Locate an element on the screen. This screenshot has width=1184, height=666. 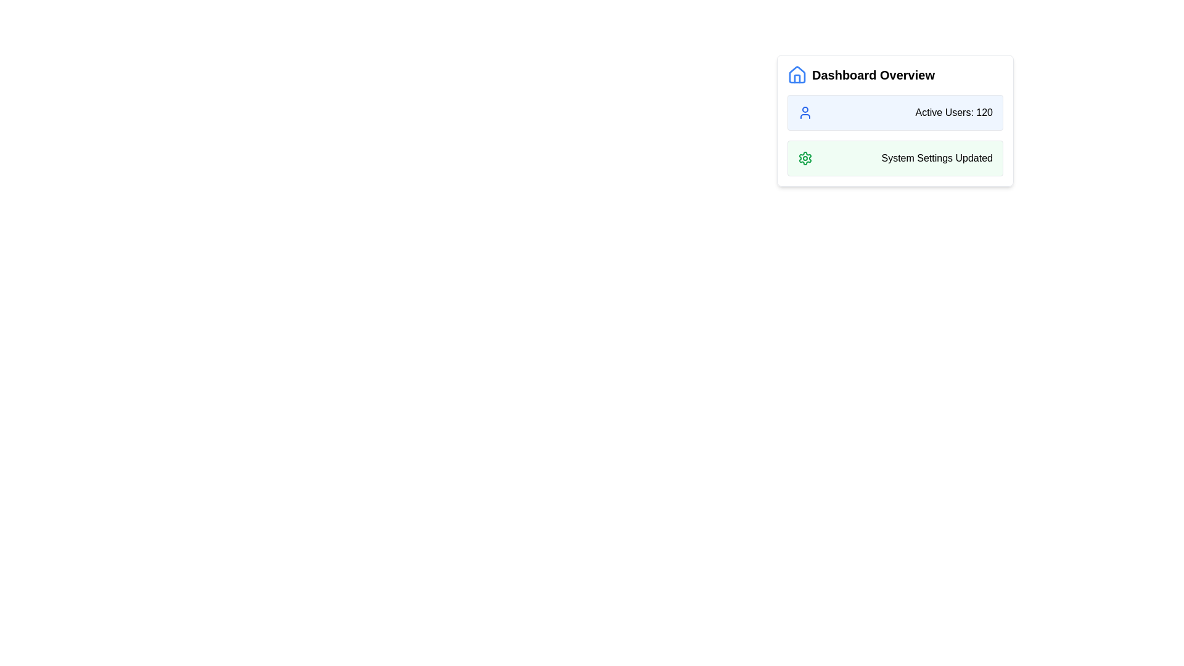
the 'Dashboard Overview' text heading with the blue house icon is located at coordinates (895, 75).